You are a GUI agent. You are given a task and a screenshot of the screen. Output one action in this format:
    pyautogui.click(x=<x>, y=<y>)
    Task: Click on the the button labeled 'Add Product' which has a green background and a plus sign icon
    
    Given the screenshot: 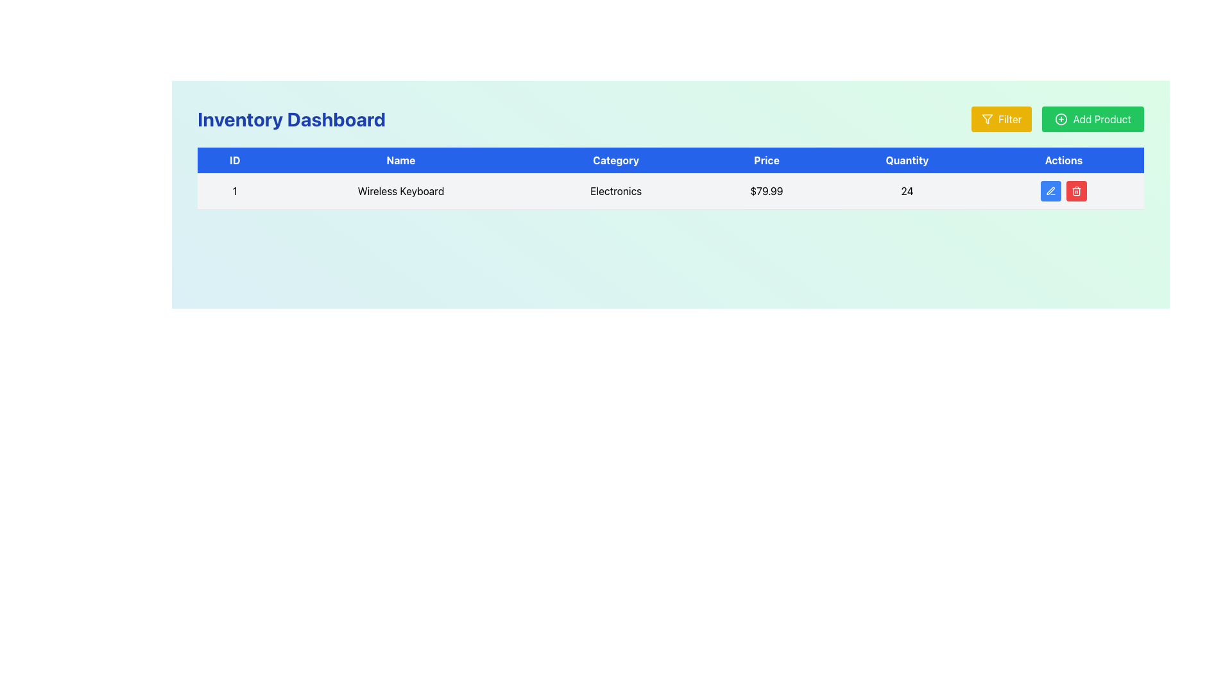 What is the action you would take?
    pyautogui.click(x=1092, y=119)
    